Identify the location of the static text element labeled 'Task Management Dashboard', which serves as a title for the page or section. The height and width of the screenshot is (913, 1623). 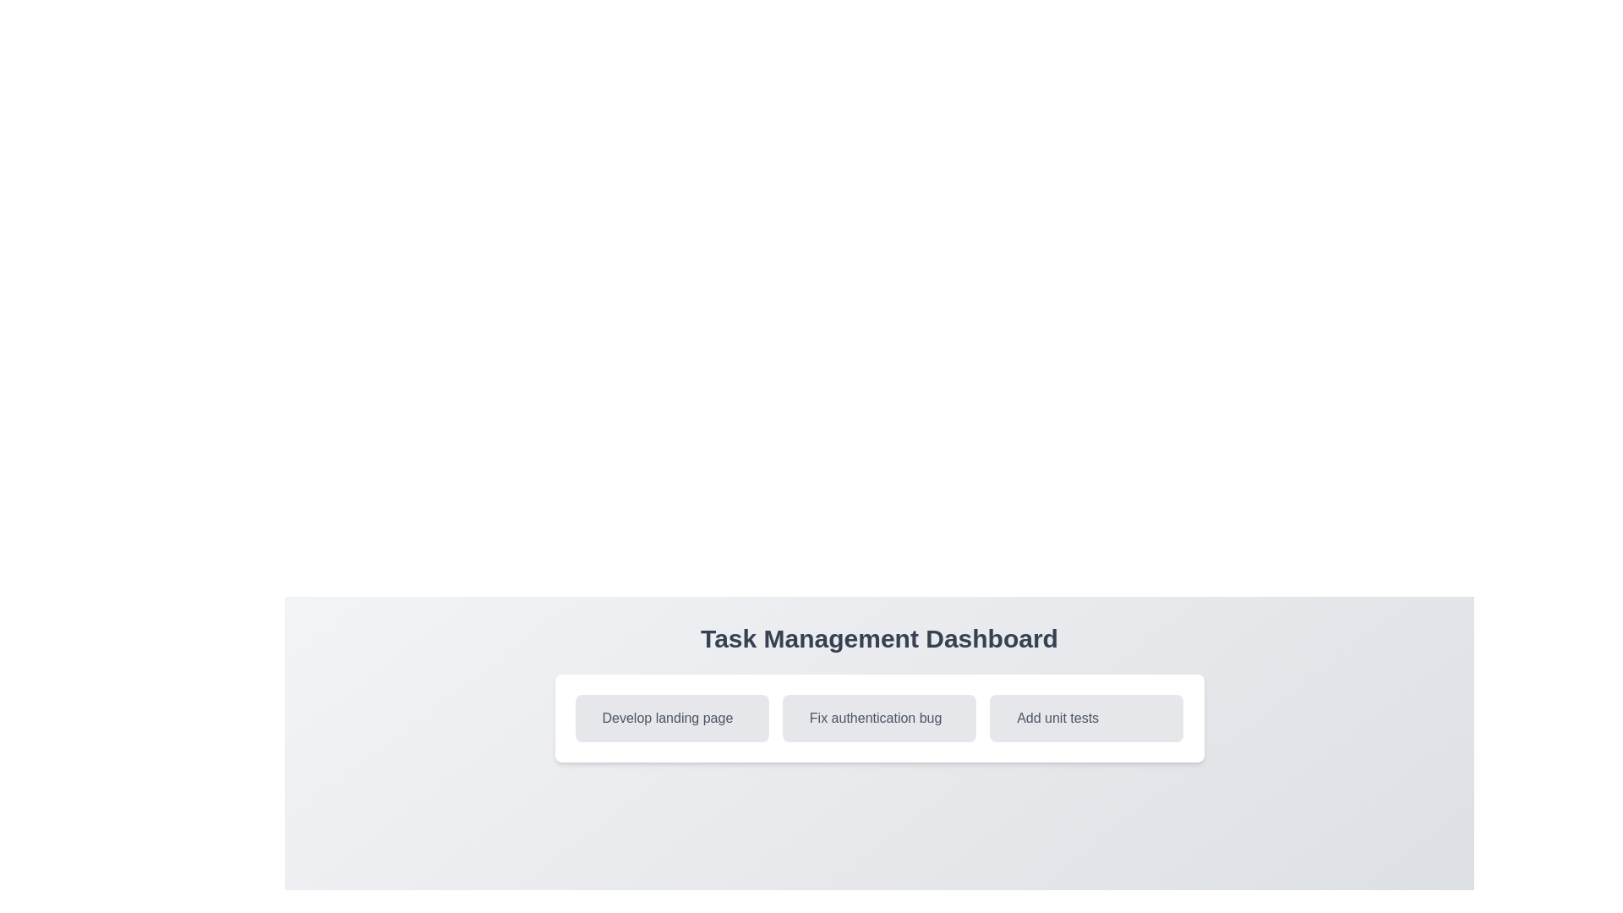
(879, 639).